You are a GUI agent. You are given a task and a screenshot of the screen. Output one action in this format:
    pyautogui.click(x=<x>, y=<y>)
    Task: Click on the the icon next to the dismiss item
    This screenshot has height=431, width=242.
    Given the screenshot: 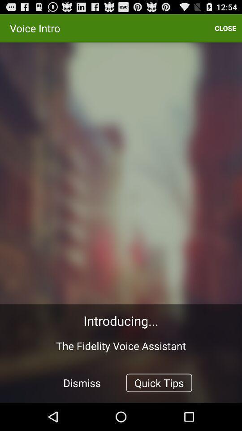 What is the action you would take?
    pyautogui.click(x=159, y=382)
    